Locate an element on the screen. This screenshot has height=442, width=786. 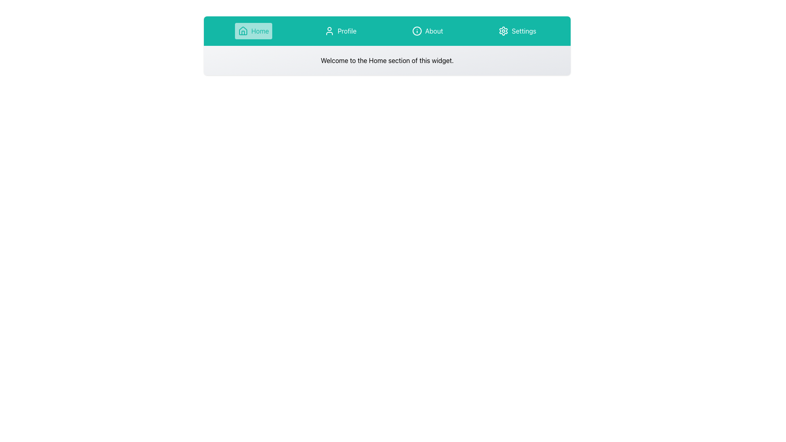
the Text Display element that provides a welcome message or introductory content for the Home section, located centrally below the navigation bar is located at coordinates (386, 60).